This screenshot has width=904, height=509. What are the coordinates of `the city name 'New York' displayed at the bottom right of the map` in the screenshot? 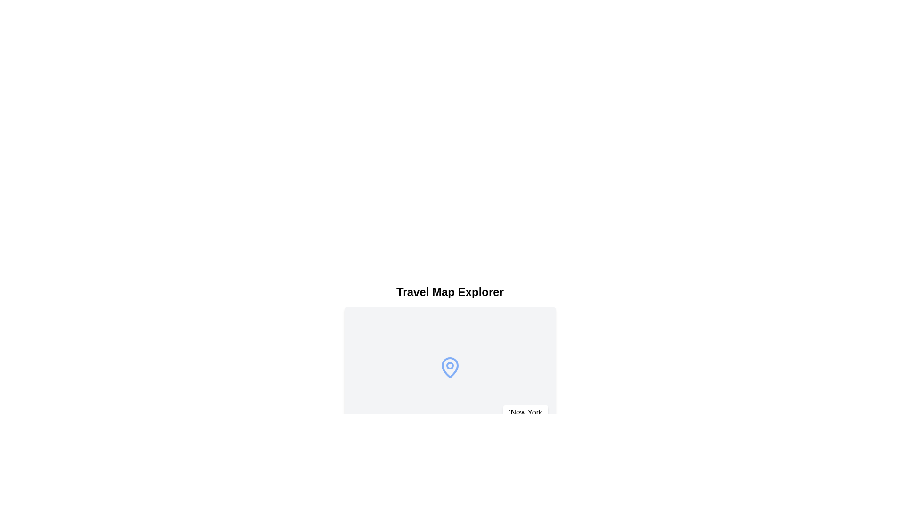 It's located at (525, 412).